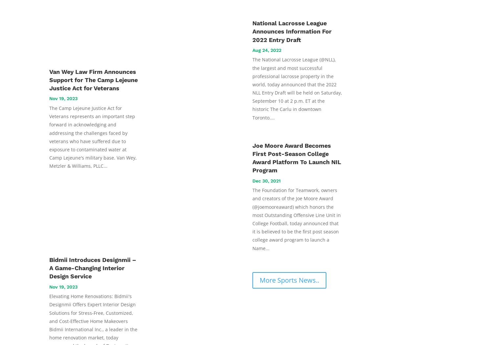  What do you see at coordinates (93, 137) in the screenshot?
I see `'The Camp Lejeune Justice Act for Veterans represents an important step forward in acknowledging and addressing the challenges faced by veterans who have suffered due to exposure to contaminated water at Camp Lejeune's military base. Van Wey, Metzler & Williams, PLLC...'` at bounding box center [93, 137].